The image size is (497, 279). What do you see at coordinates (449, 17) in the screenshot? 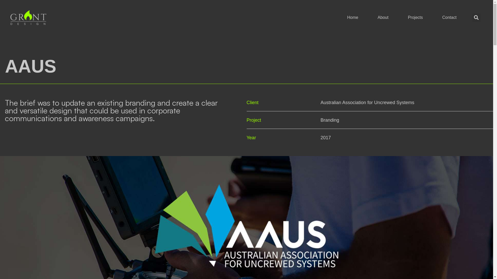
I see `'Contact'` at bounding box center [449, 17].